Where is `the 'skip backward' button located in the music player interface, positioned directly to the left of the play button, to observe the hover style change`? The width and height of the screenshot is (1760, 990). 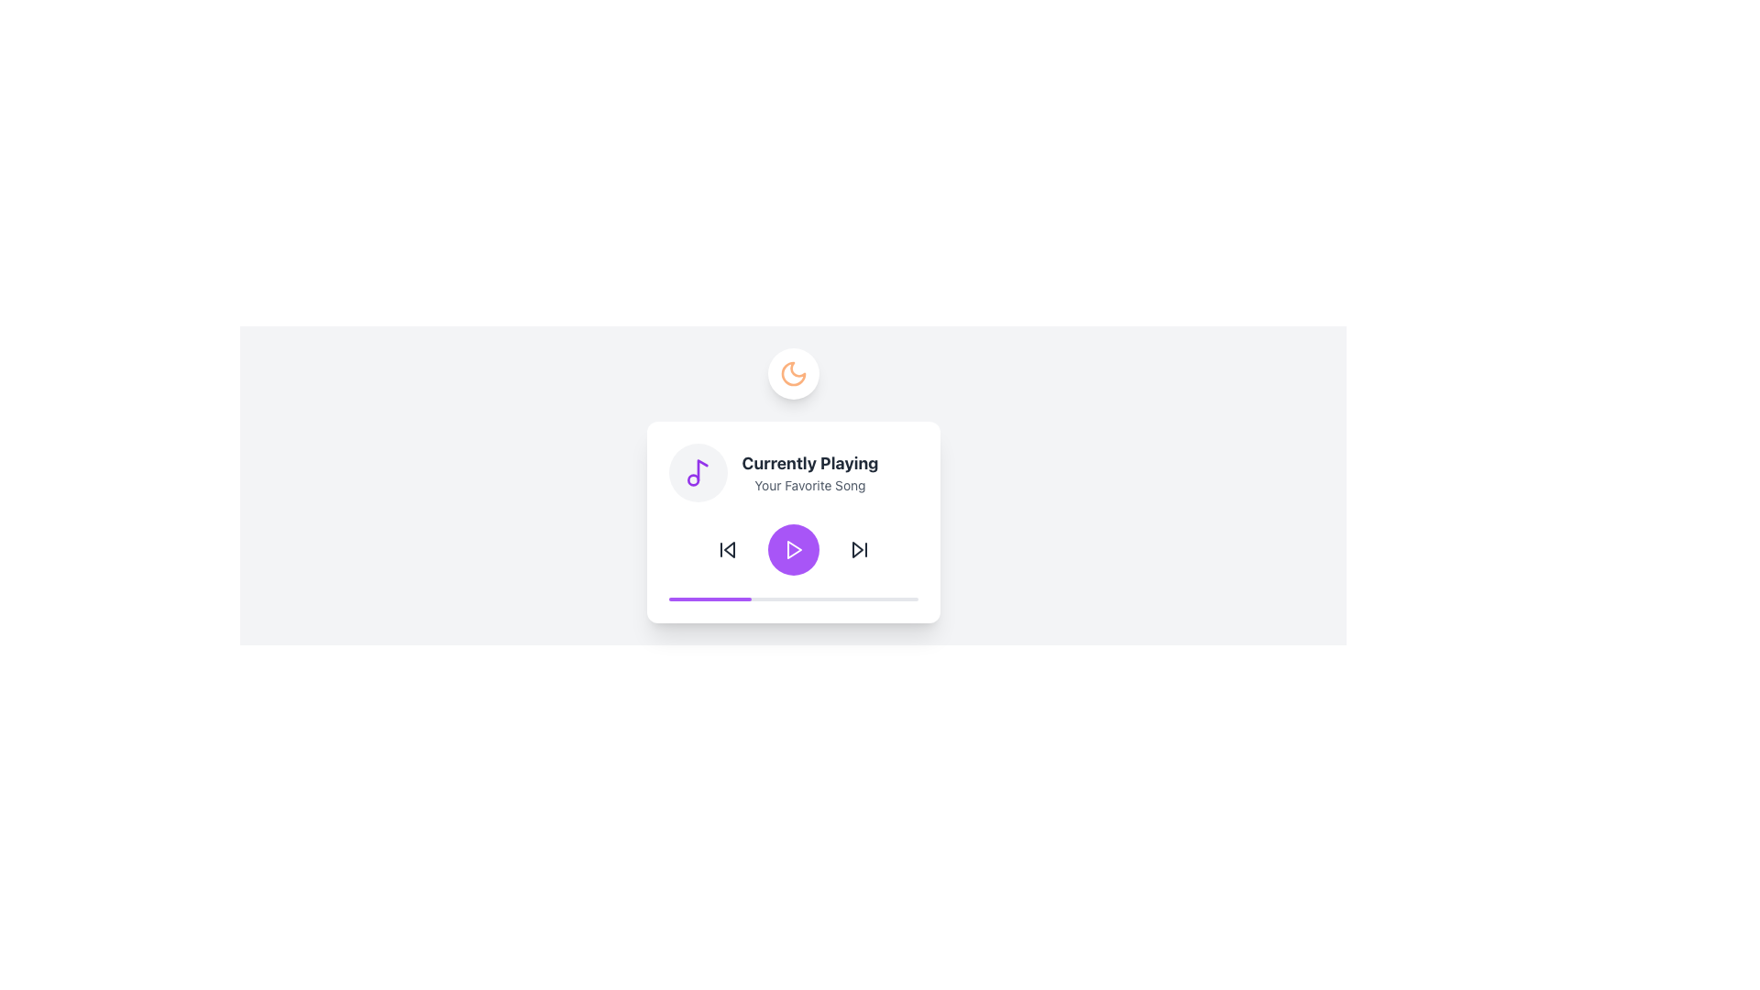 the 'skip backward' button located in the music player interface, positioned directly to the left of the play button, to observe the hover style change is located at coordinates (726, 549).